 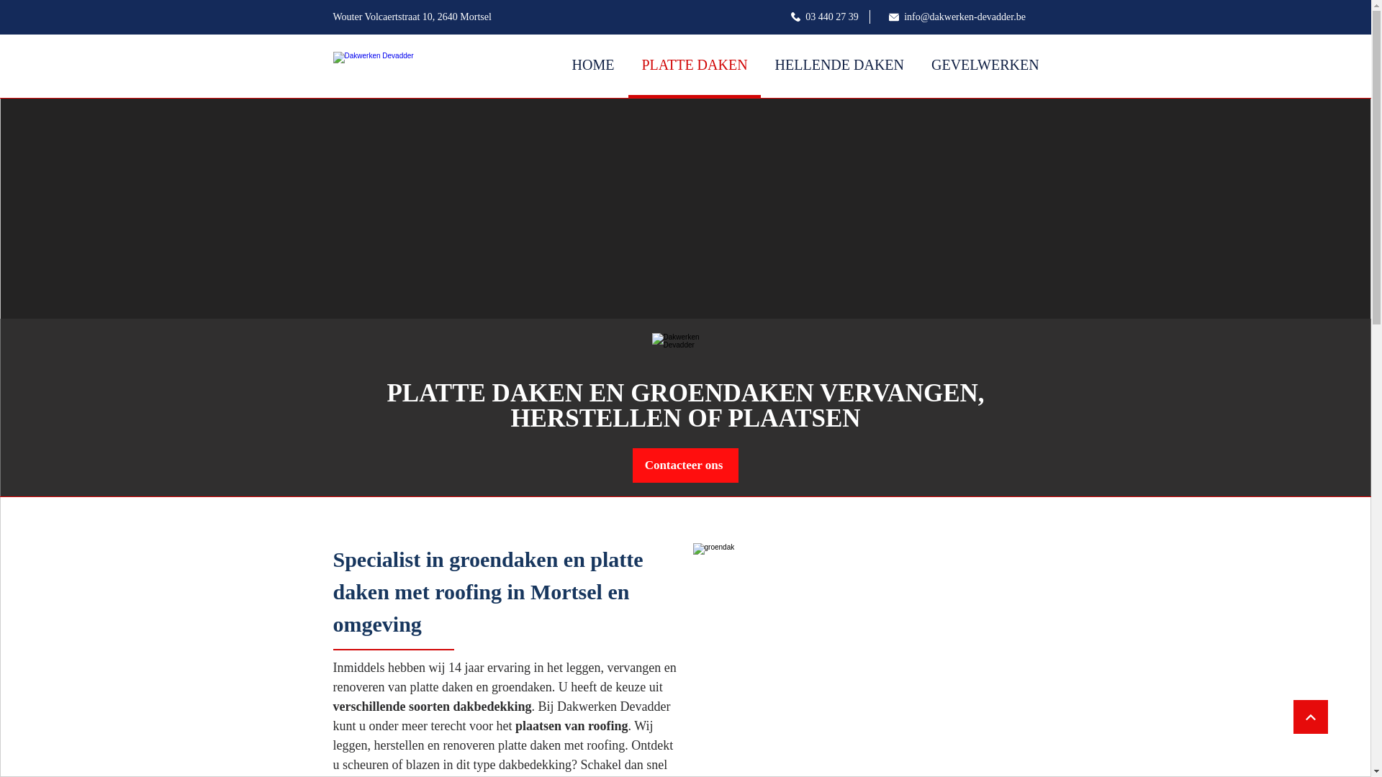 What do you see at coordinates (1099, 66) in the screenshot?
I see `'CONTACT'` at bounding box center [1099, 66].